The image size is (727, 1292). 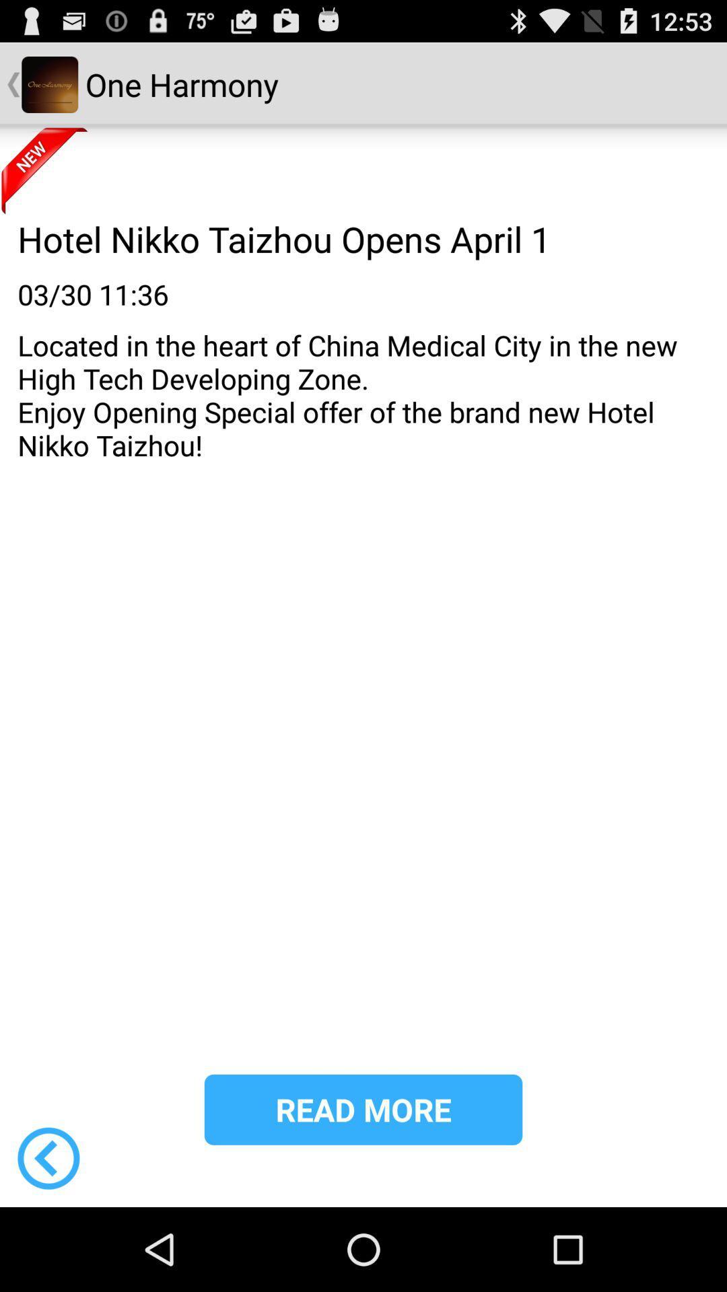 I want to click on the item below the located in the icon, so click(x=48, y=1157).